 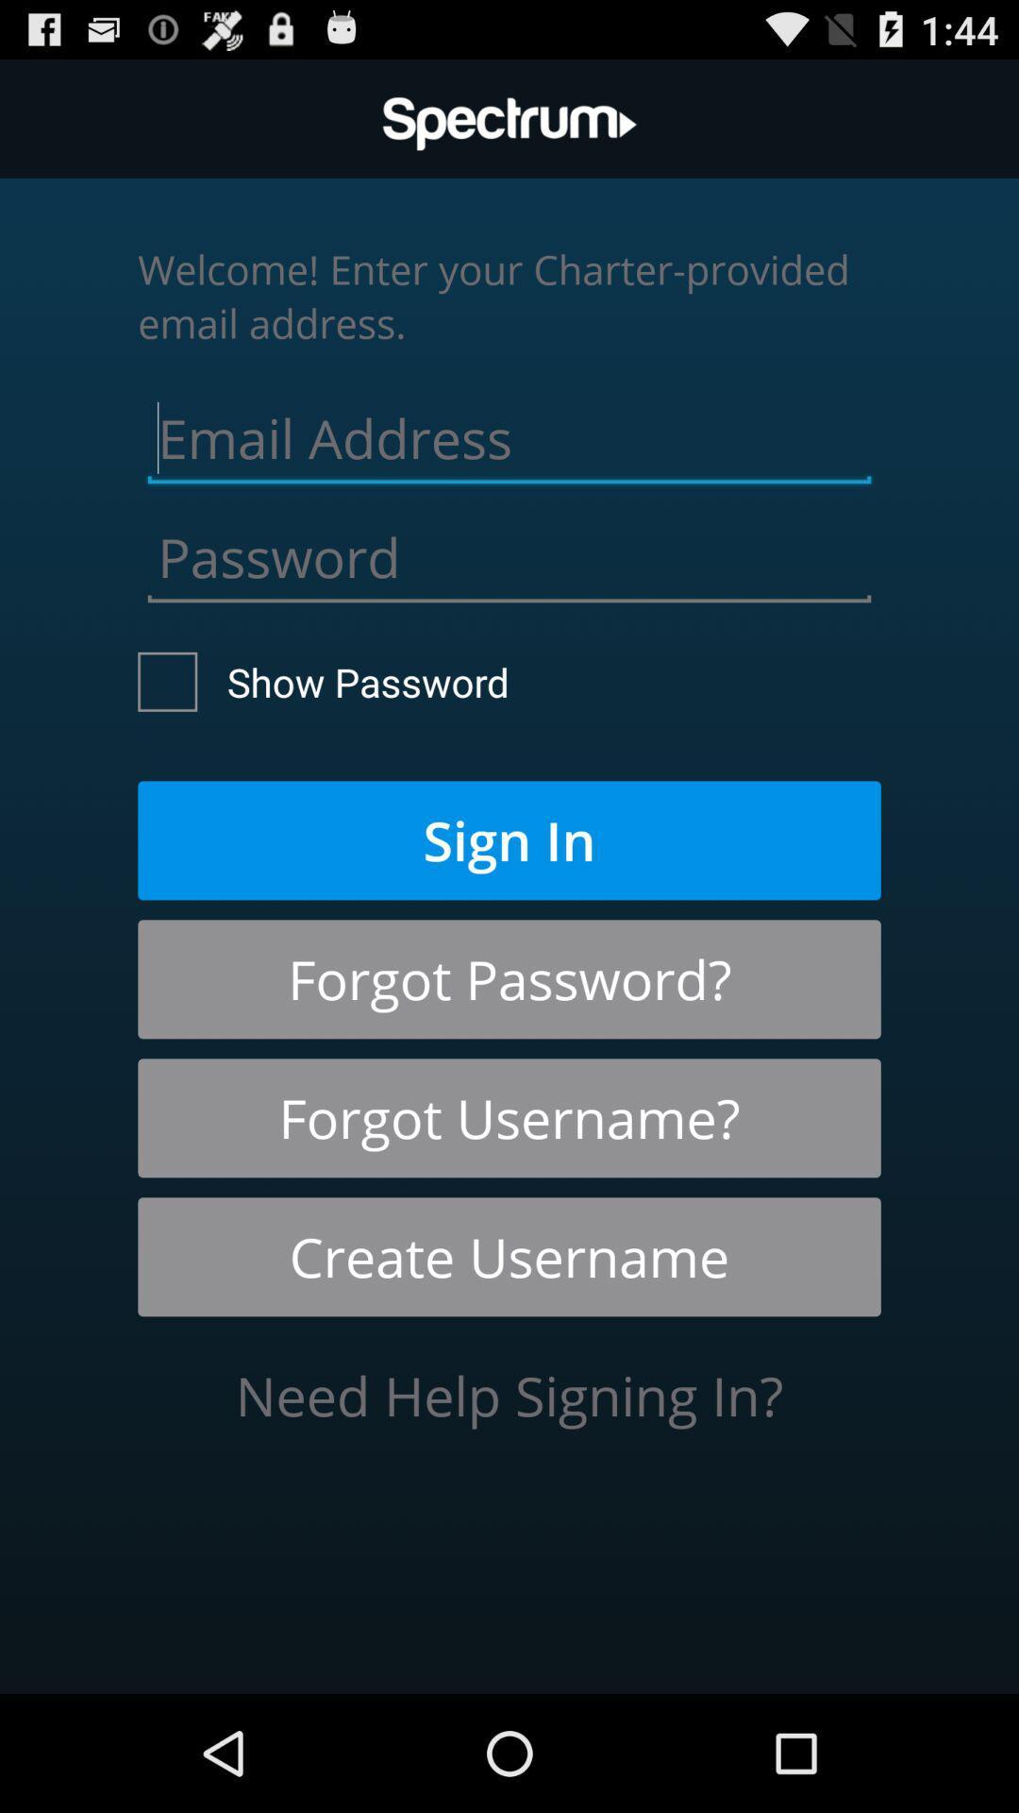 What do you see at coordinates (509, 1257) in the screenshot?
I see `create username` at bounding box center [509, 1257].